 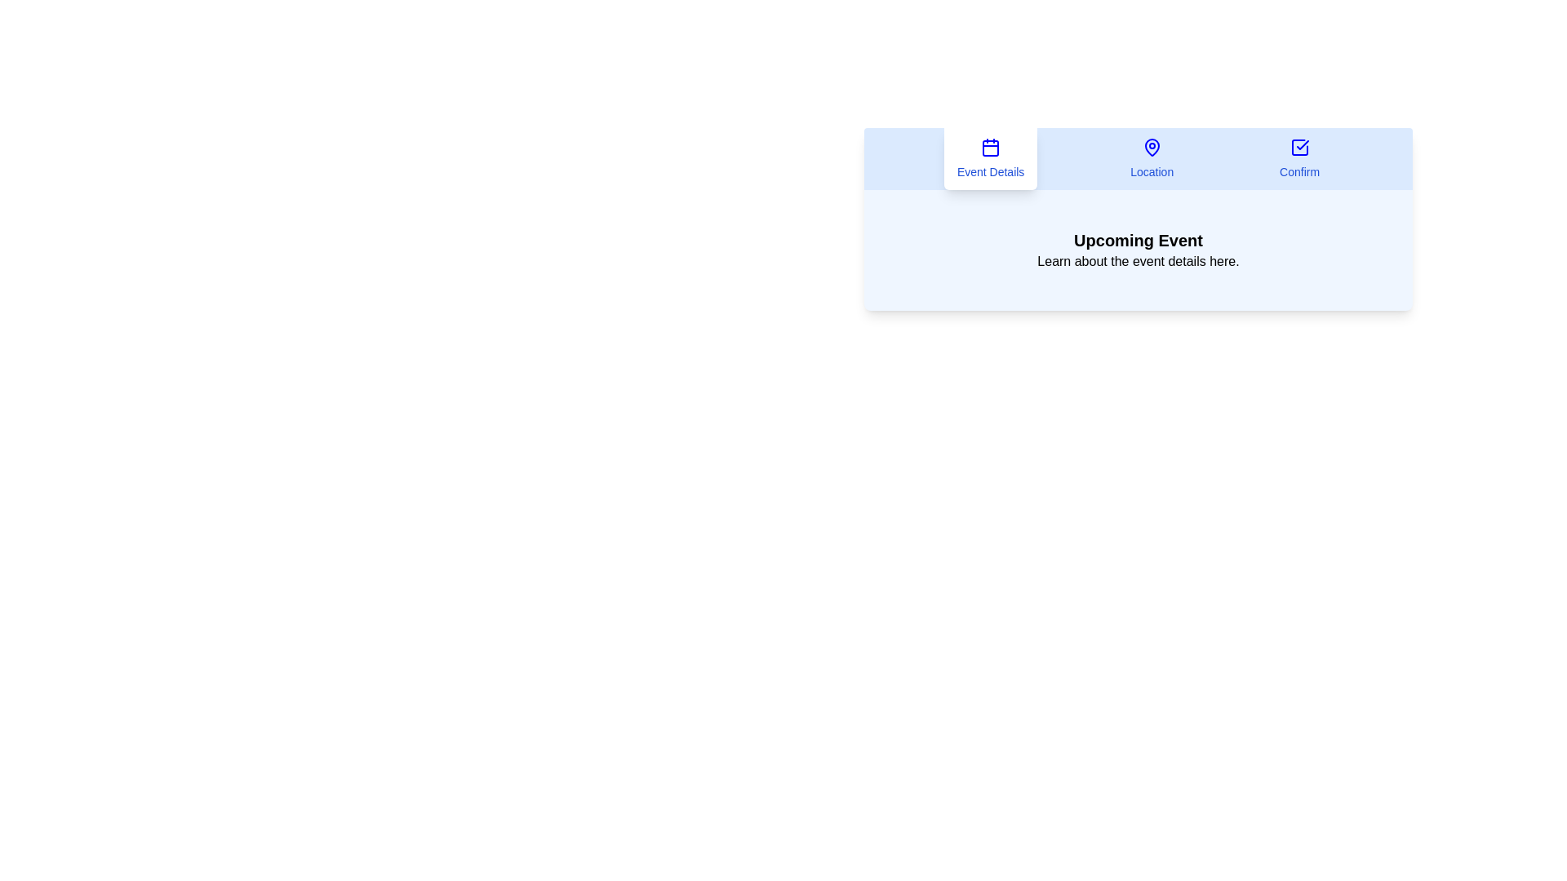 What do you see at coordinates (1299, 159) in the screenshot?
I see `the tab labeled Confirm to observe the visual feedback` at bounding box center [1299, 159].